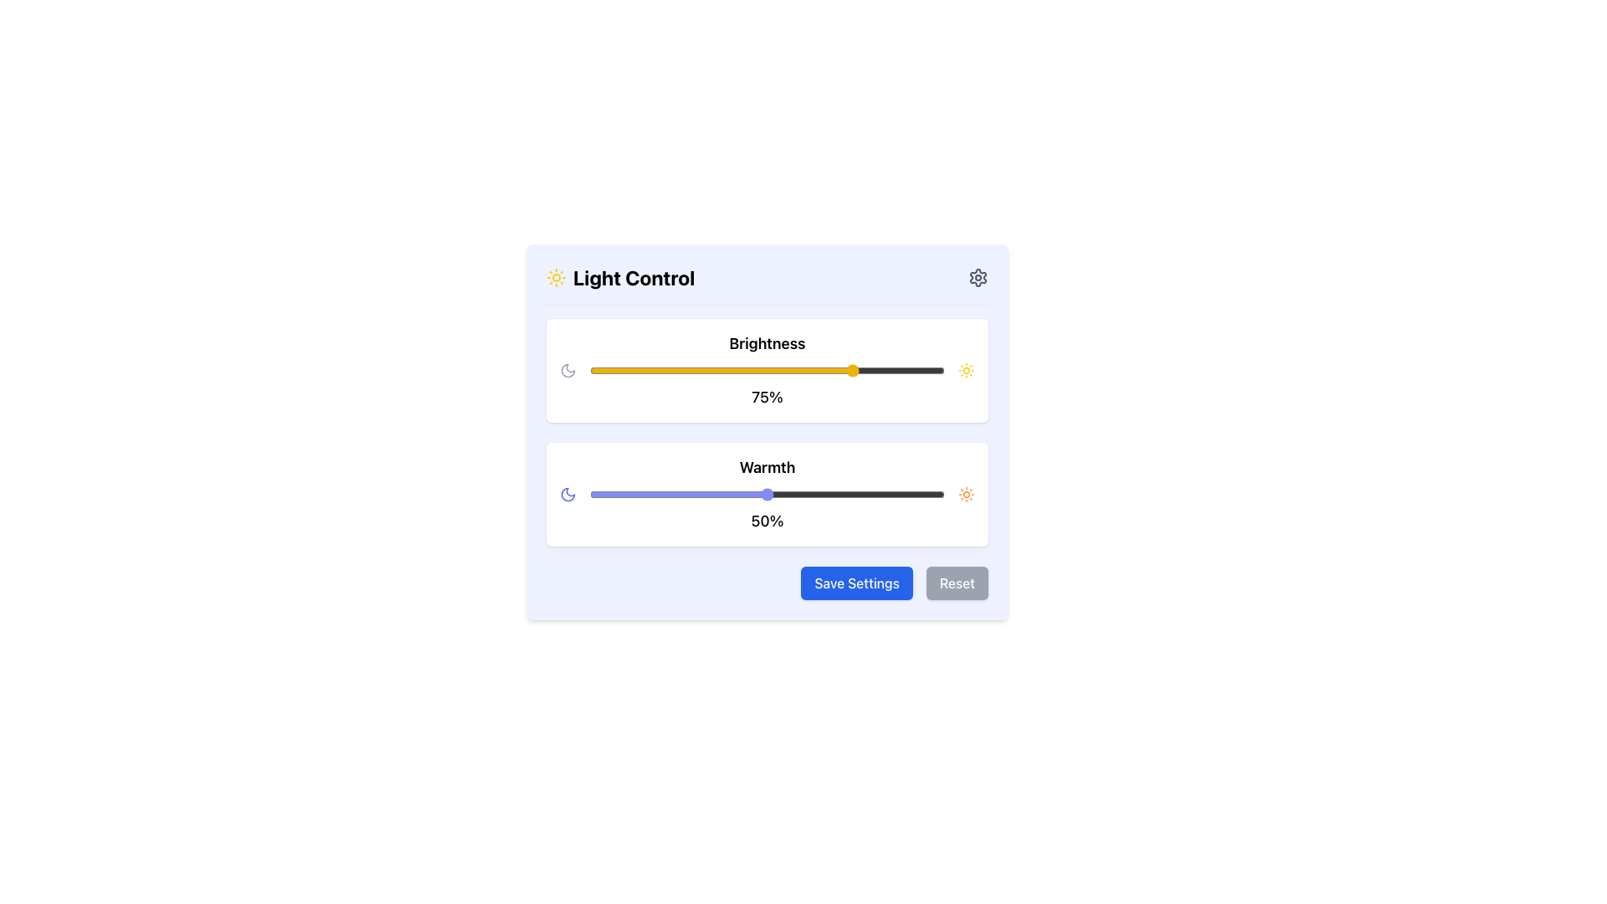 This screenshot has height=904, width=1607. Describe the element at coordinates (649, 370) in the screenshot. I see `brightness` at that location.